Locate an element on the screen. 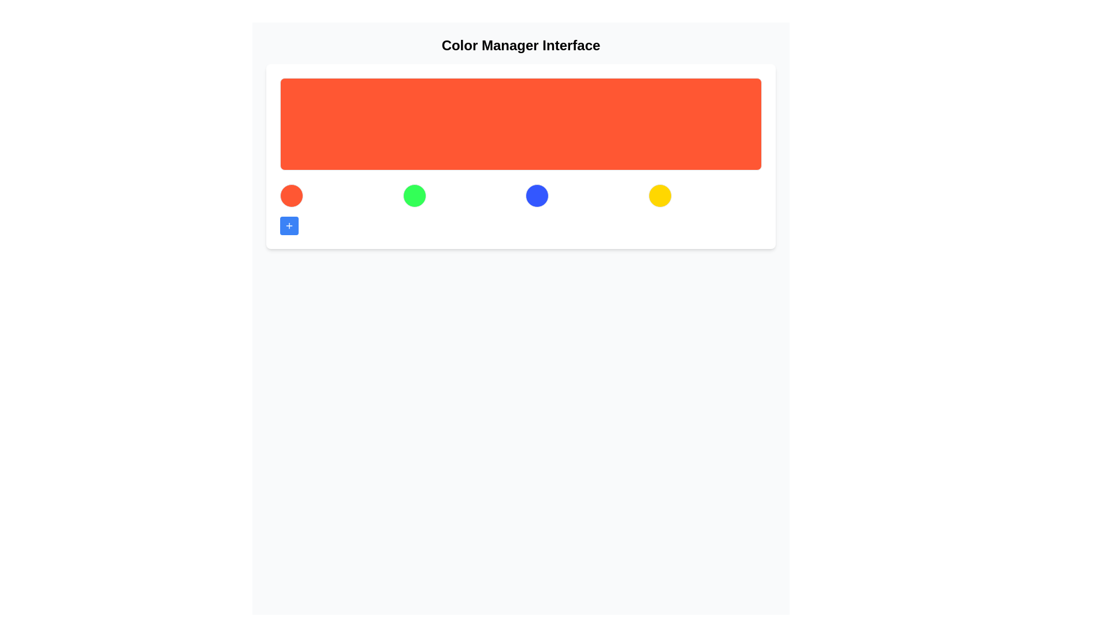  the small blue plus sign icon button located below the orange rectangle in the interface is located at coordinates (289, 225).